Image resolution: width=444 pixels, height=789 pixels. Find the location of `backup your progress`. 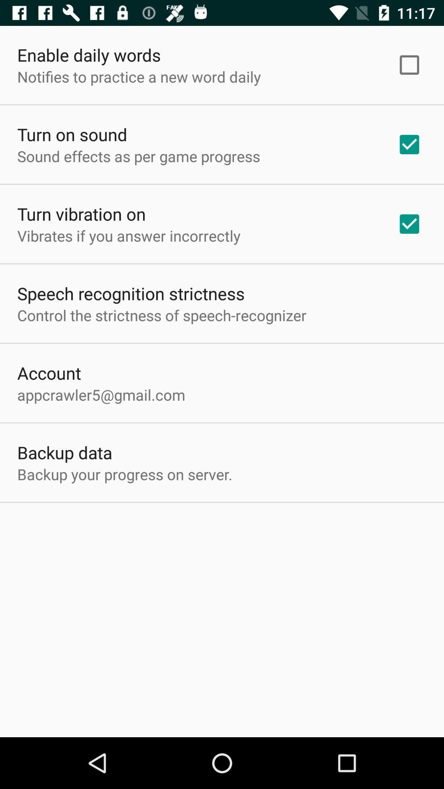

backup your progress is located at coordinates (125, 474).